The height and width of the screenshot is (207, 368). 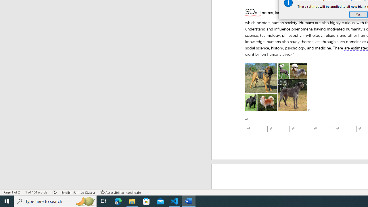 What do you see at coordinates (174, 201) in the screenshot?
I see `'Visual Studio Code - 1 running window'` at bounding box center [174, 201].